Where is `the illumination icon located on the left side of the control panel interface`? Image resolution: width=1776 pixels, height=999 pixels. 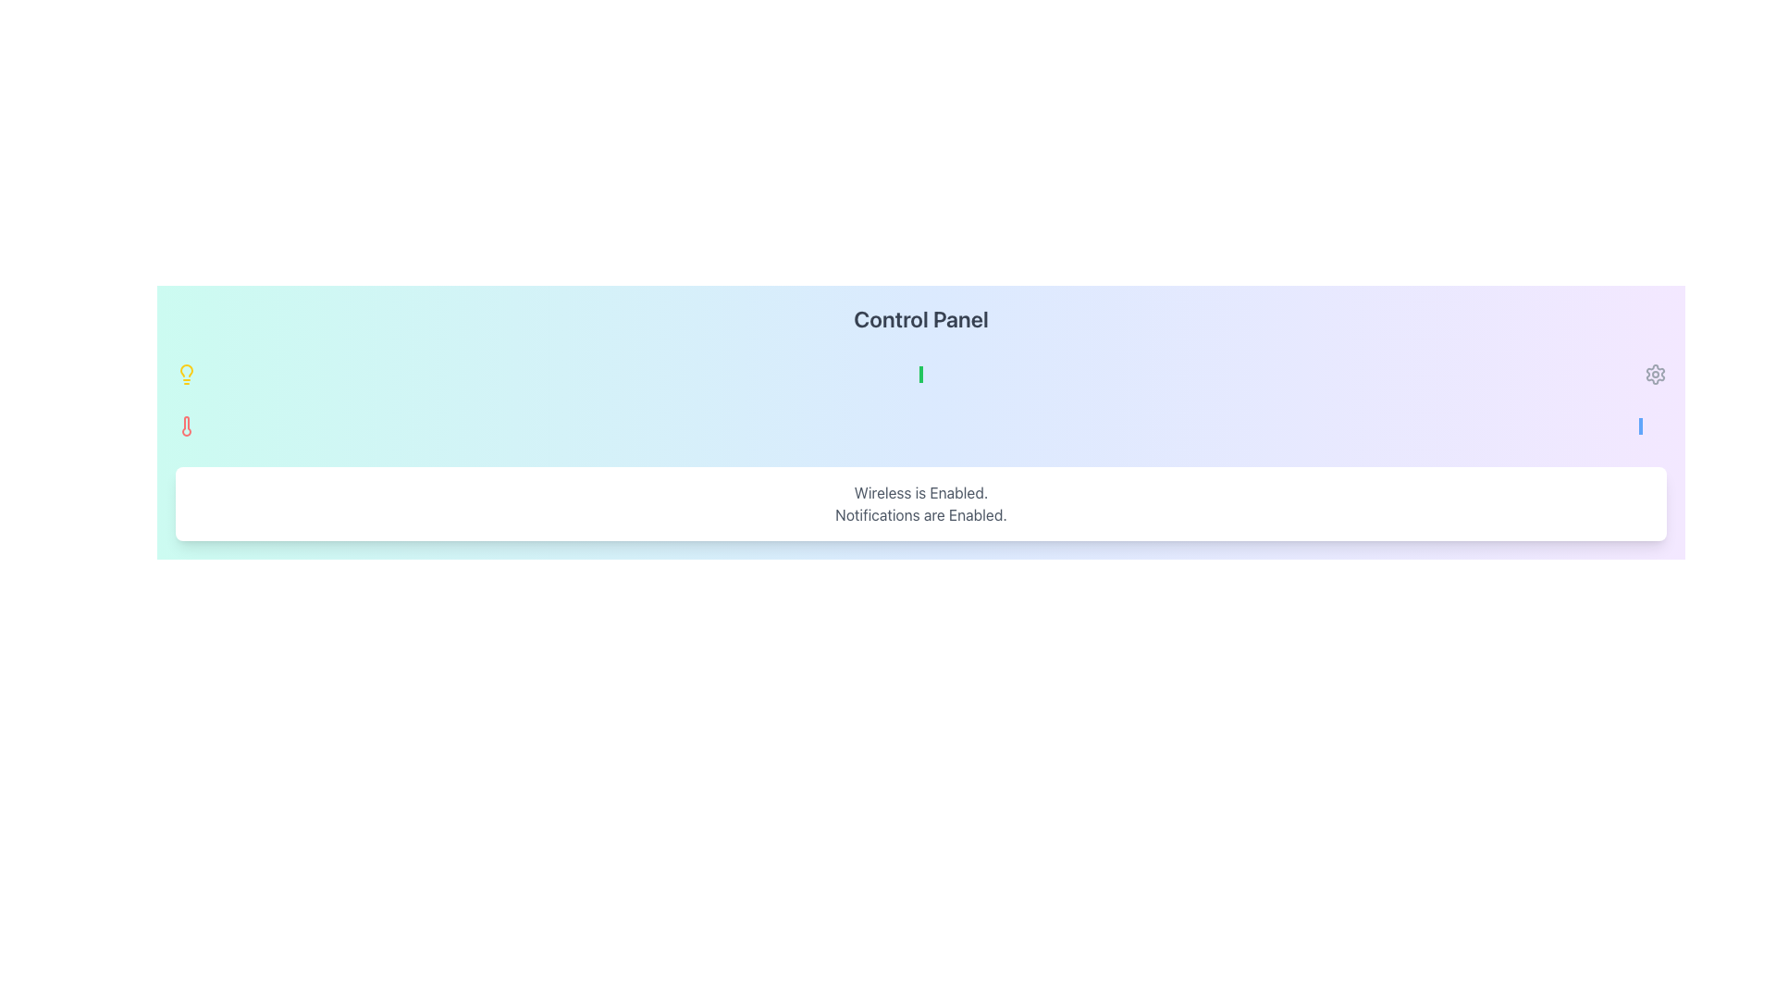
the illumination icon located on the left side of the control panel interface is located at coordinates (186, 375).